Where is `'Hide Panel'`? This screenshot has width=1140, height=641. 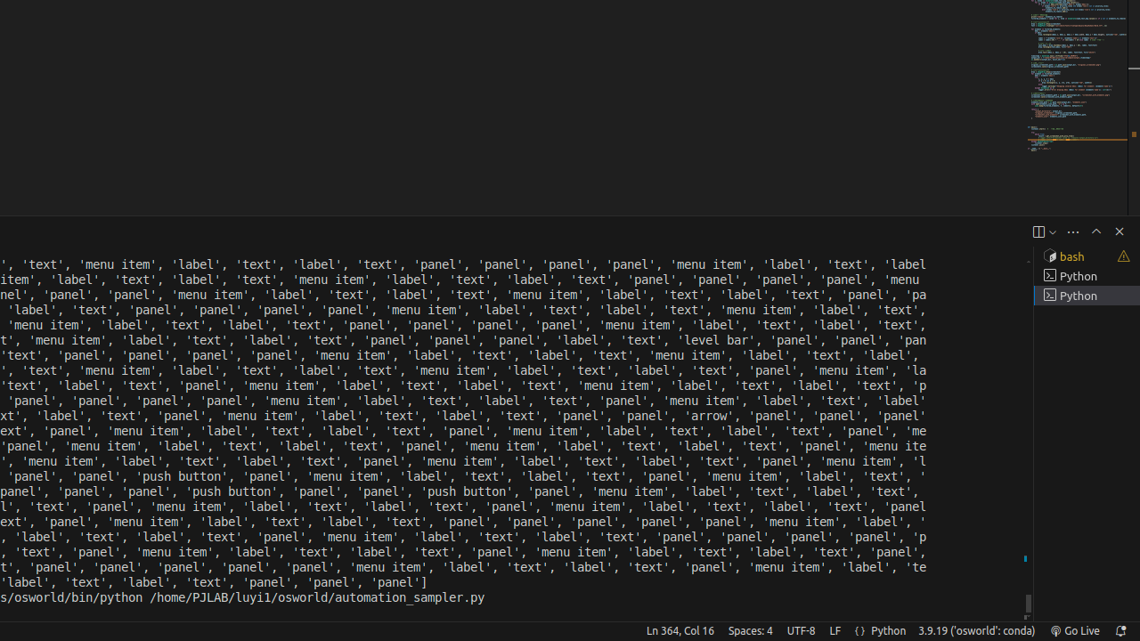
'Hide Panel' is located at coordinates (1118, 230).